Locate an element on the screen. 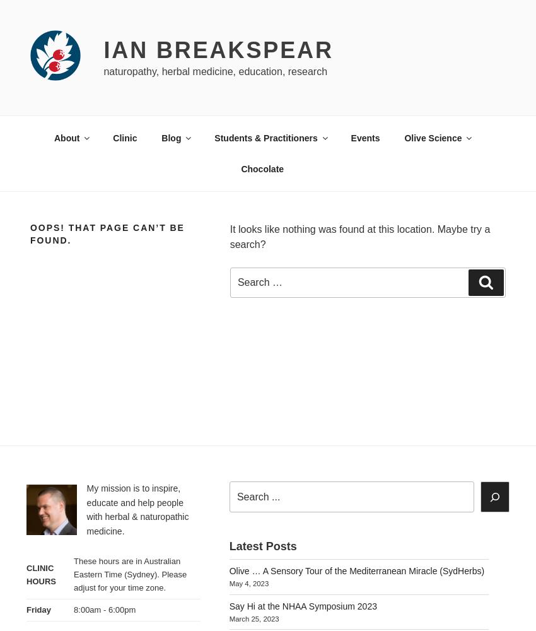 The width and height of the screenshot is (536, 631). 'Chocolate' is located at coordinates (262, 168).